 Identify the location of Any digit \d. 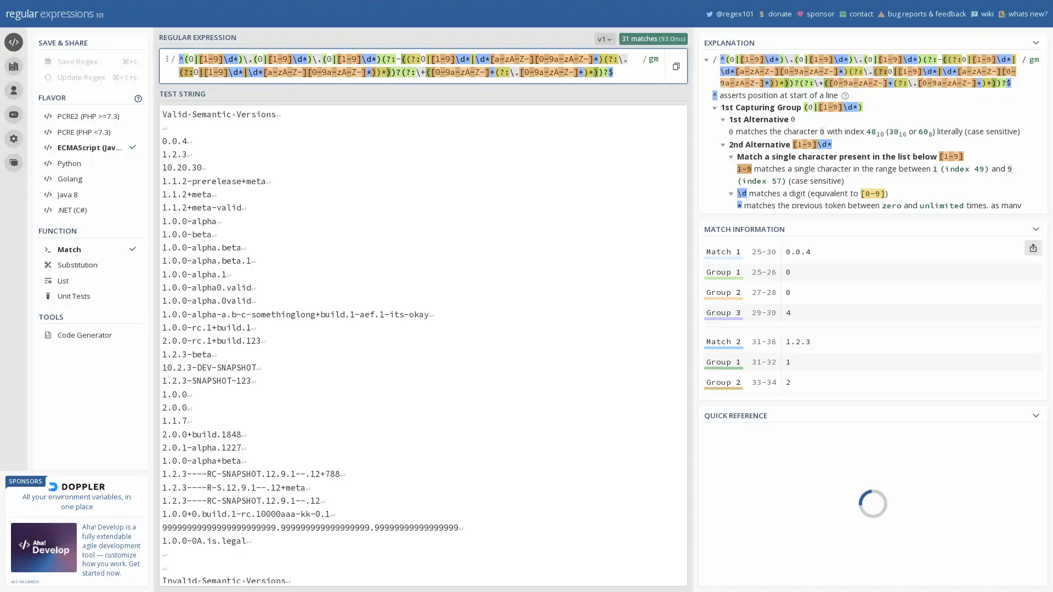
(927, 574).